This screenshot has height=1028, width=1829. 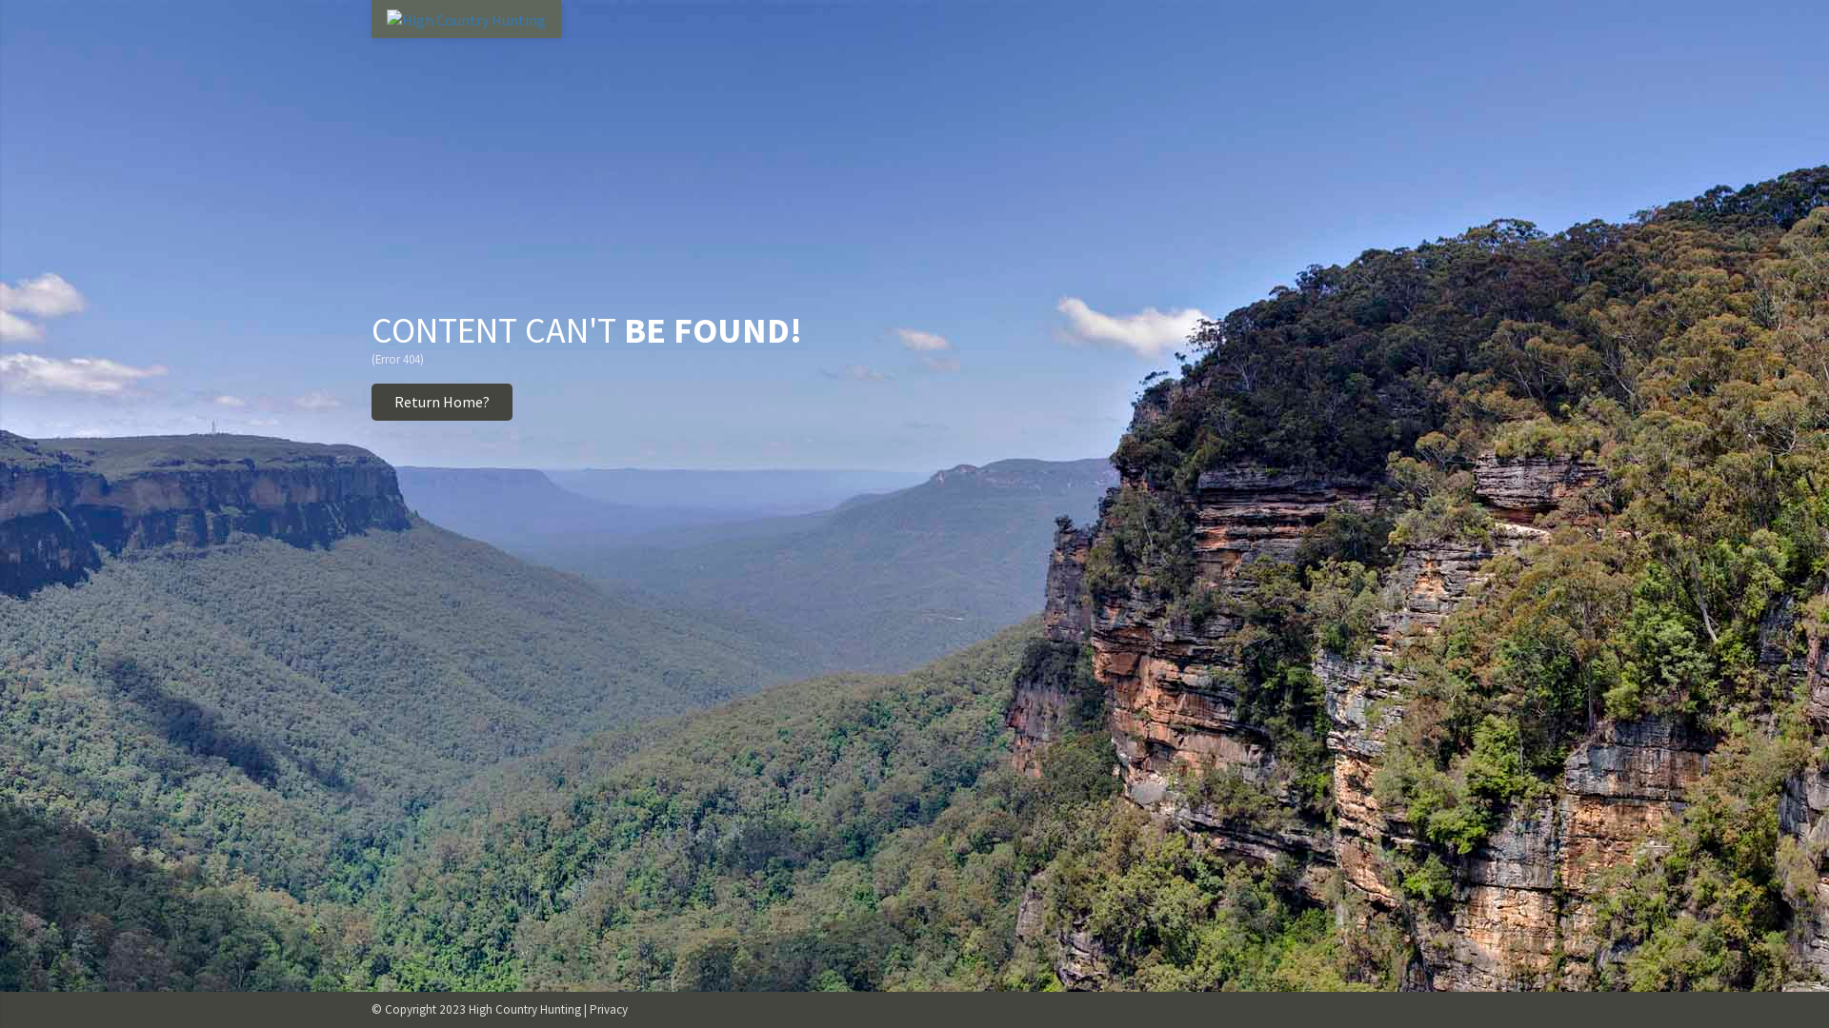 I want to click on 'Return Home?', so click(x=441, y=401).